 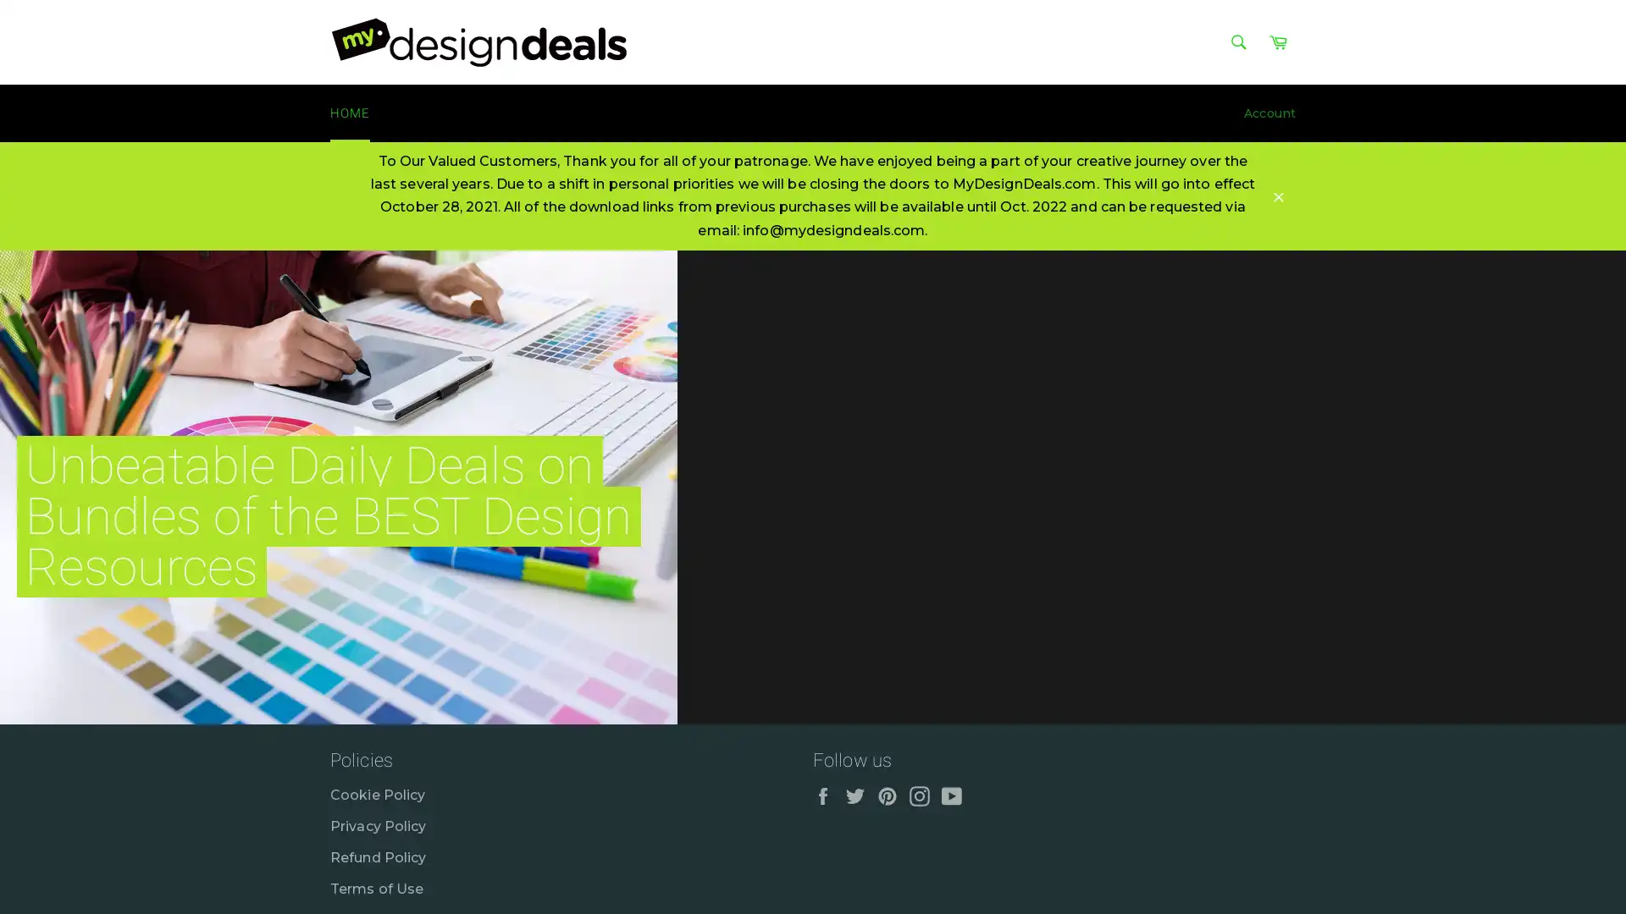 I want to click on 0, so click(x=1591, y=724).